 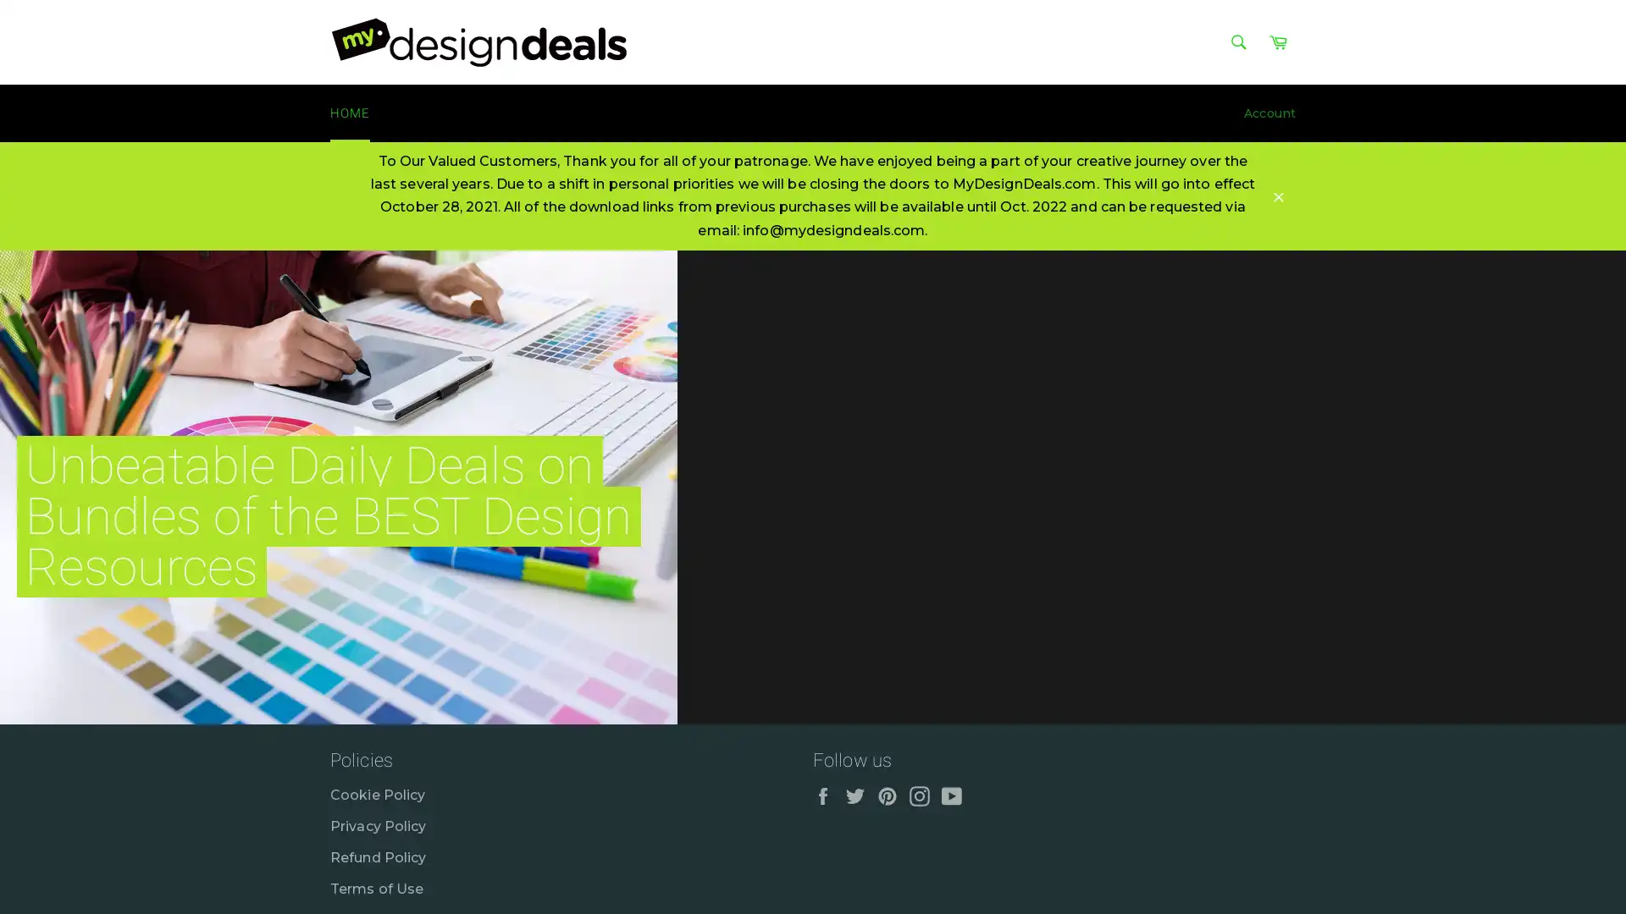 I want to click on 0, so click(x=1591, y=724).